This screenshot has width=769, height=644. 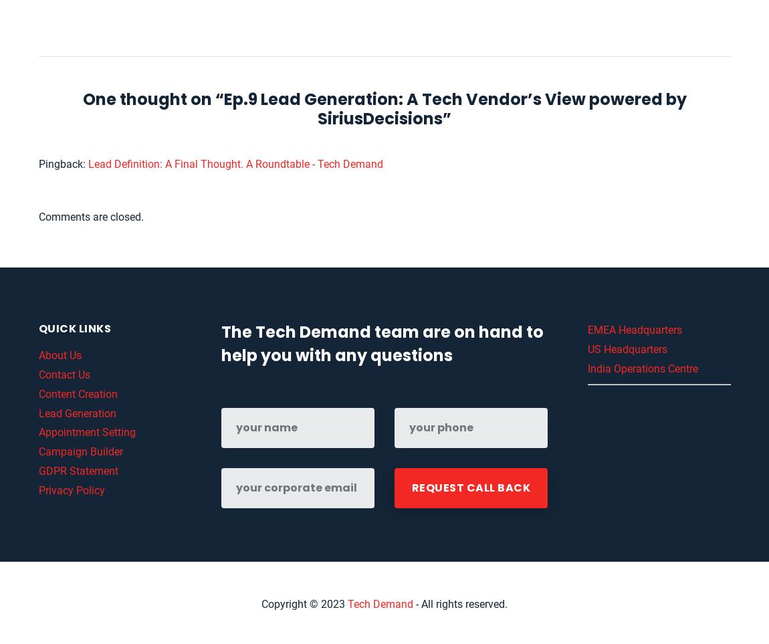 What do you see at coordinates (459, 603) in the screenshot?
I see `'- All rights reserved.'` at bounding box center [459, 603].